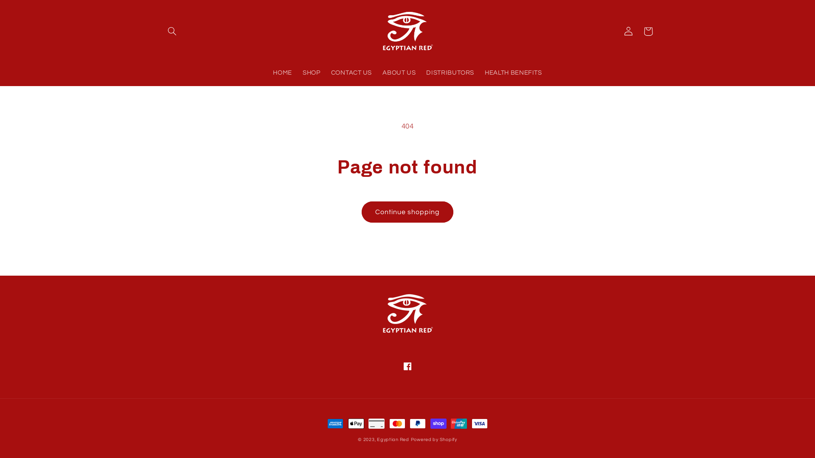  I want to click on 'Log in', so click(629, 31).